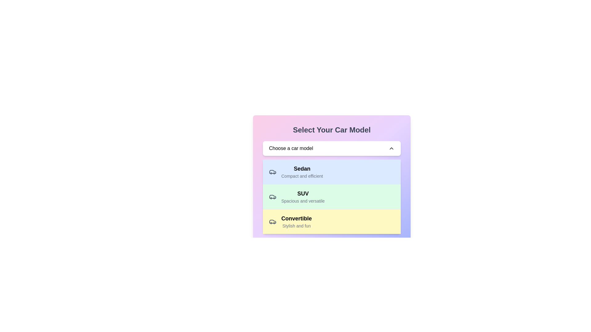 This screenshot has width=591, height=332. Describe the element at coordinates (332, 173) in the screenshot. I see `the 'Sedan' selectable list item in the car model selection interface` at that location.